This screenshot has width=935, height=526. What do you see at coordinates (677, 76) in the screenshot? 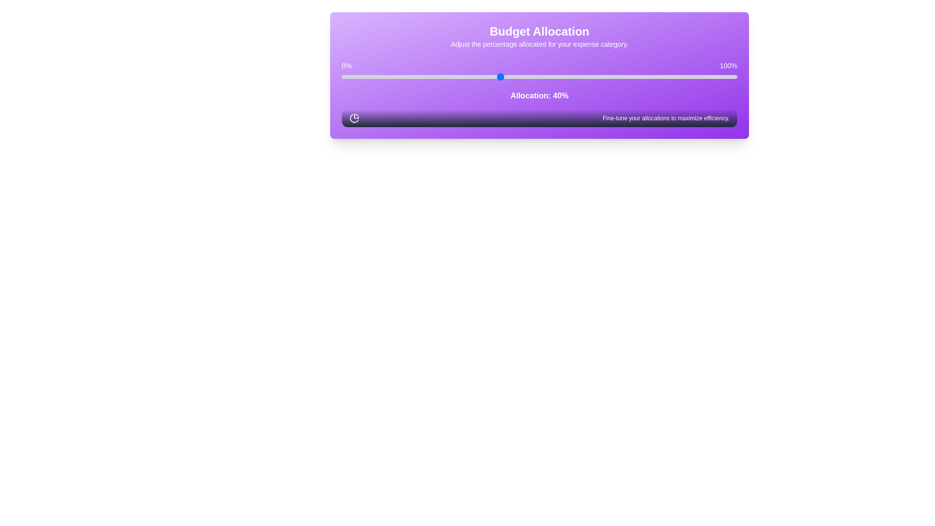
I see `the allocation percentage` at bounding box center [677, 76].